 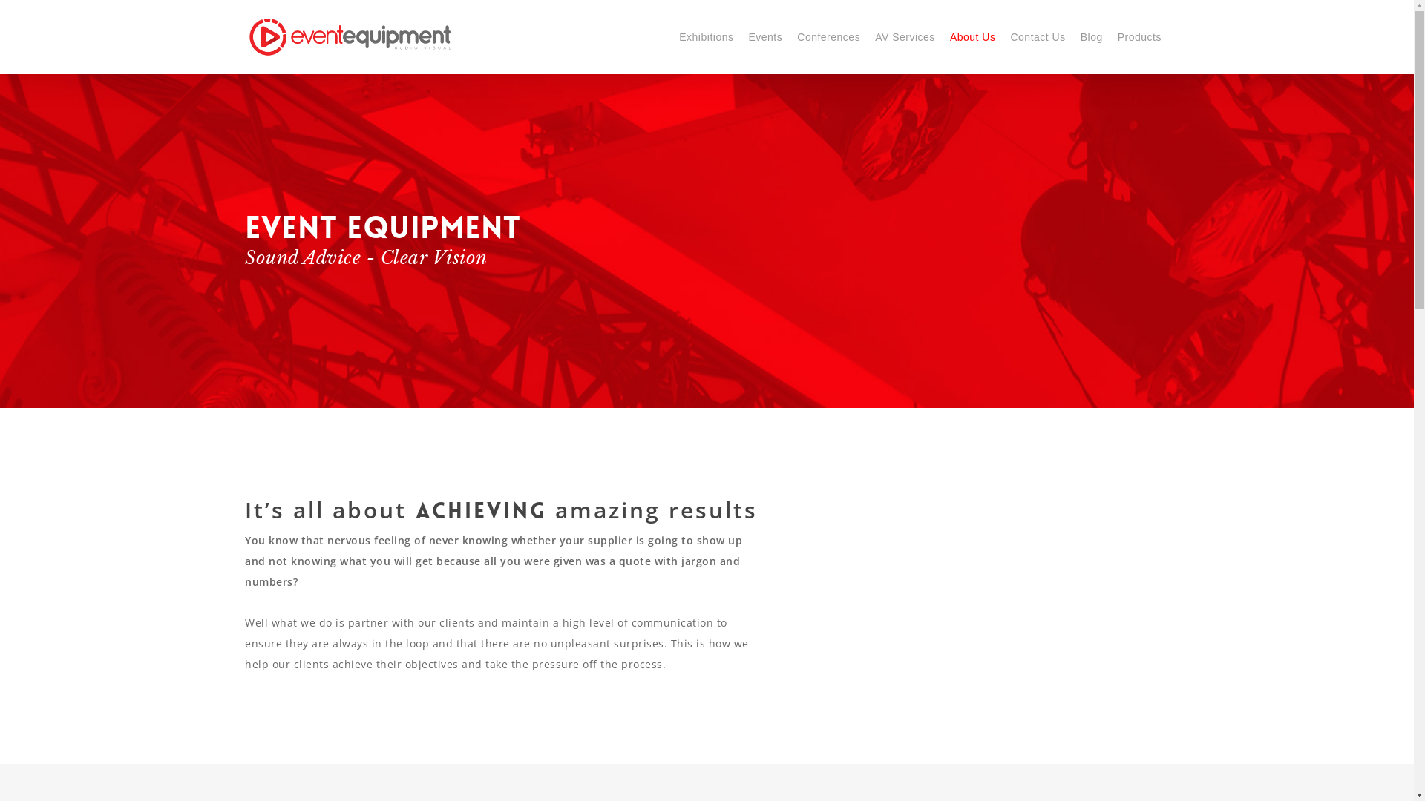 I want to click on 'Conferences', so click(x=828, y=36).